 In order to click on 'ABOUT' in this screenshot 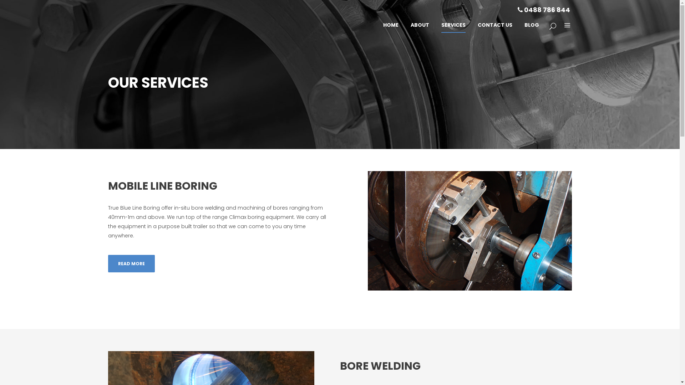, I will do `click(420, 24)`.